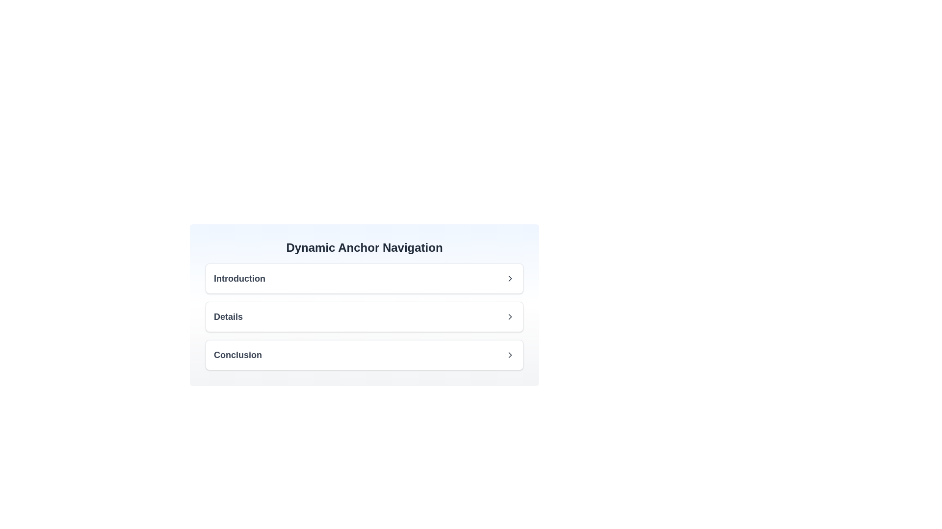 Image resolution: width=942 pixels, height=529 pixels. Describe the element at coordinates (364, 317) in the screenshot. I see `the 'Details' navigation link located` at that location.